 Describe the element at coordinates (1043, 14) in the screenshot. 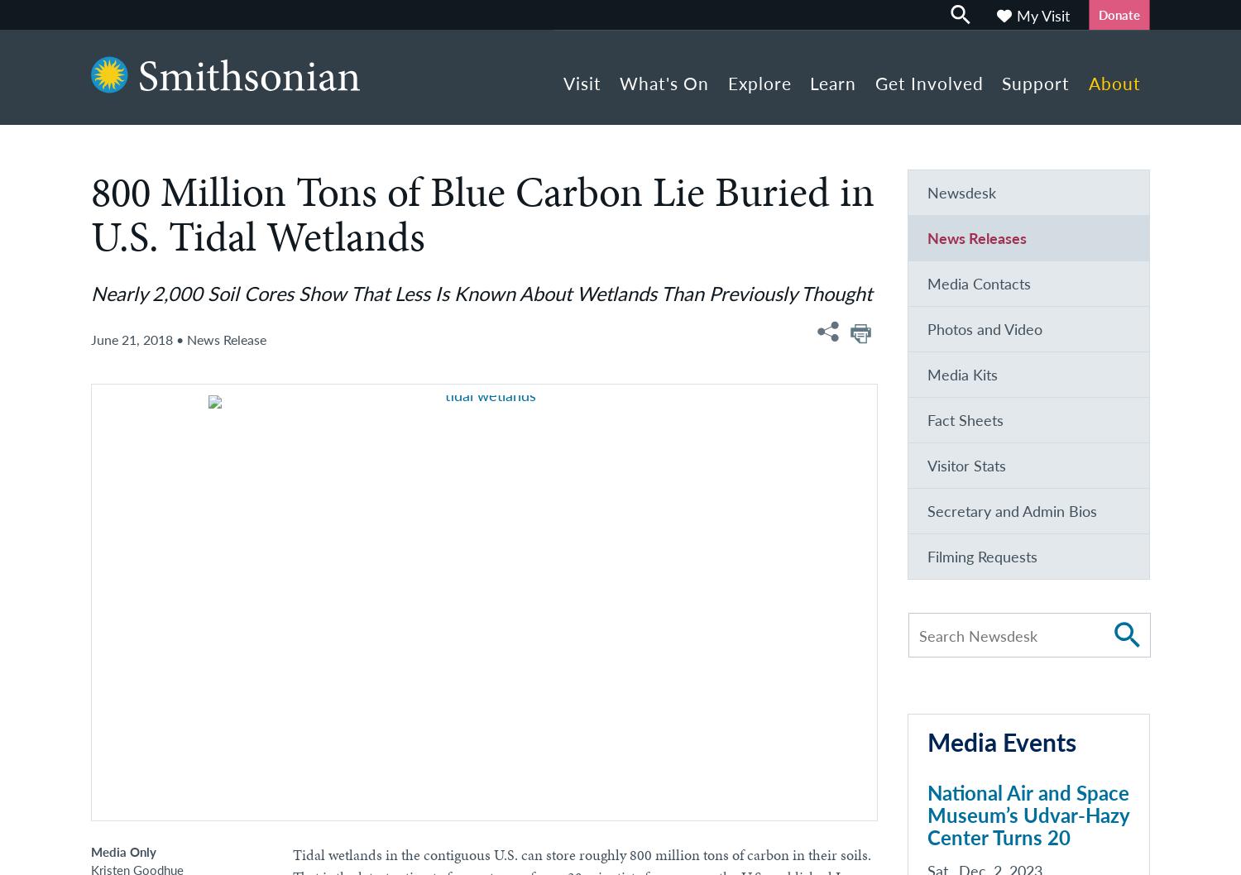

I see `'My Visit'` at that location.